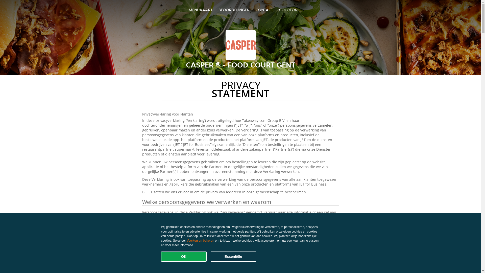 The image size is (485, 273). Describe the element at coordinates (264, 10) in the screenshot. I see `'CONTACT'` at that location.